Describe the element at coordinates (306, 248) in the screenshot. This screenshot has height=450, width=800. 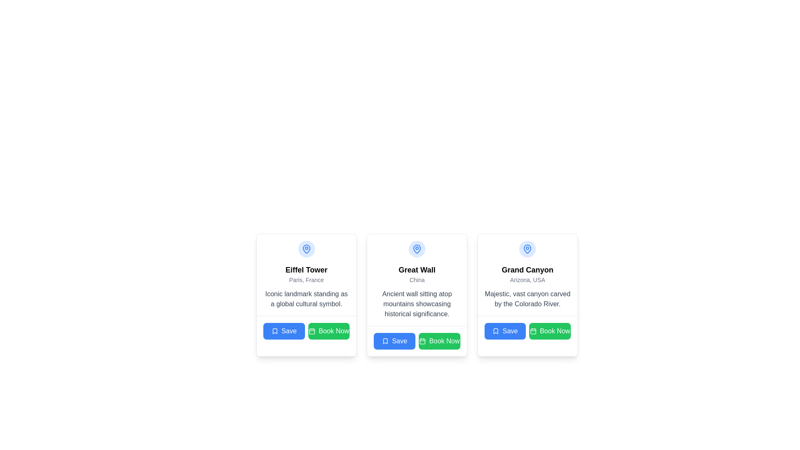
I see `the map pin icon located at the top section of the Eiffel Tower information card, which is characterized by a rounded shape with a blue outline and a lighter blue circular background` at that location.